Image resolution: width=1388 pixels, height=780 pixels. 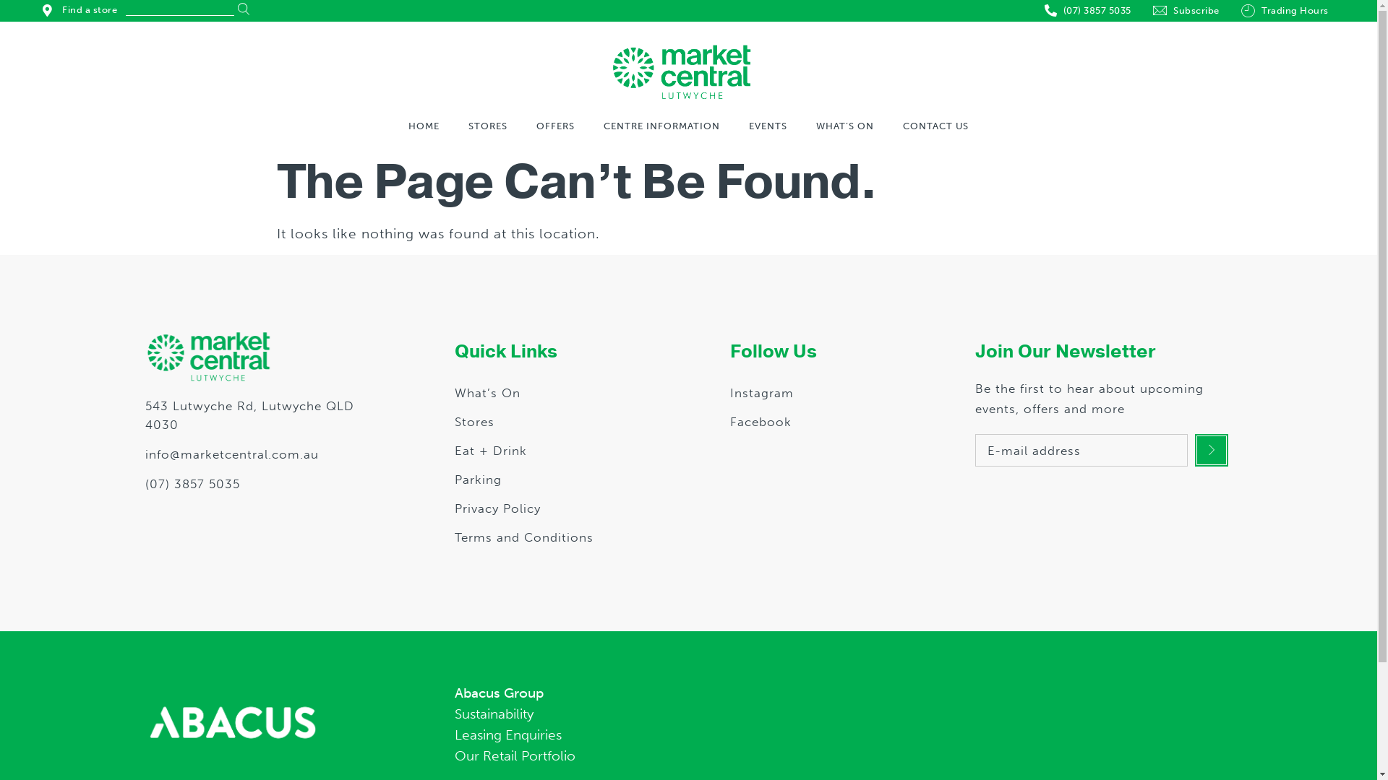 What do you see at coordinates (478, 479) in the screenshot?
I see `'Parking'` at bounding box center [478, 479].